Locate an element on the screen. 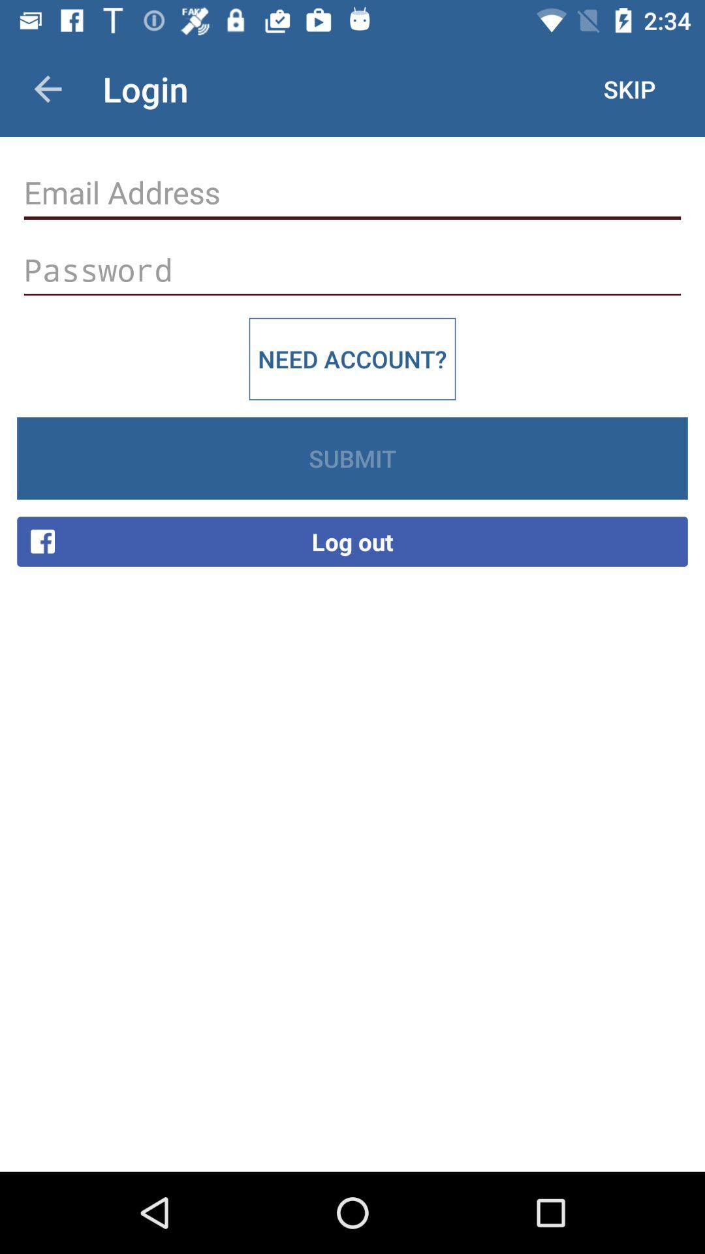  submit icon is located at coordinates (352, 458).